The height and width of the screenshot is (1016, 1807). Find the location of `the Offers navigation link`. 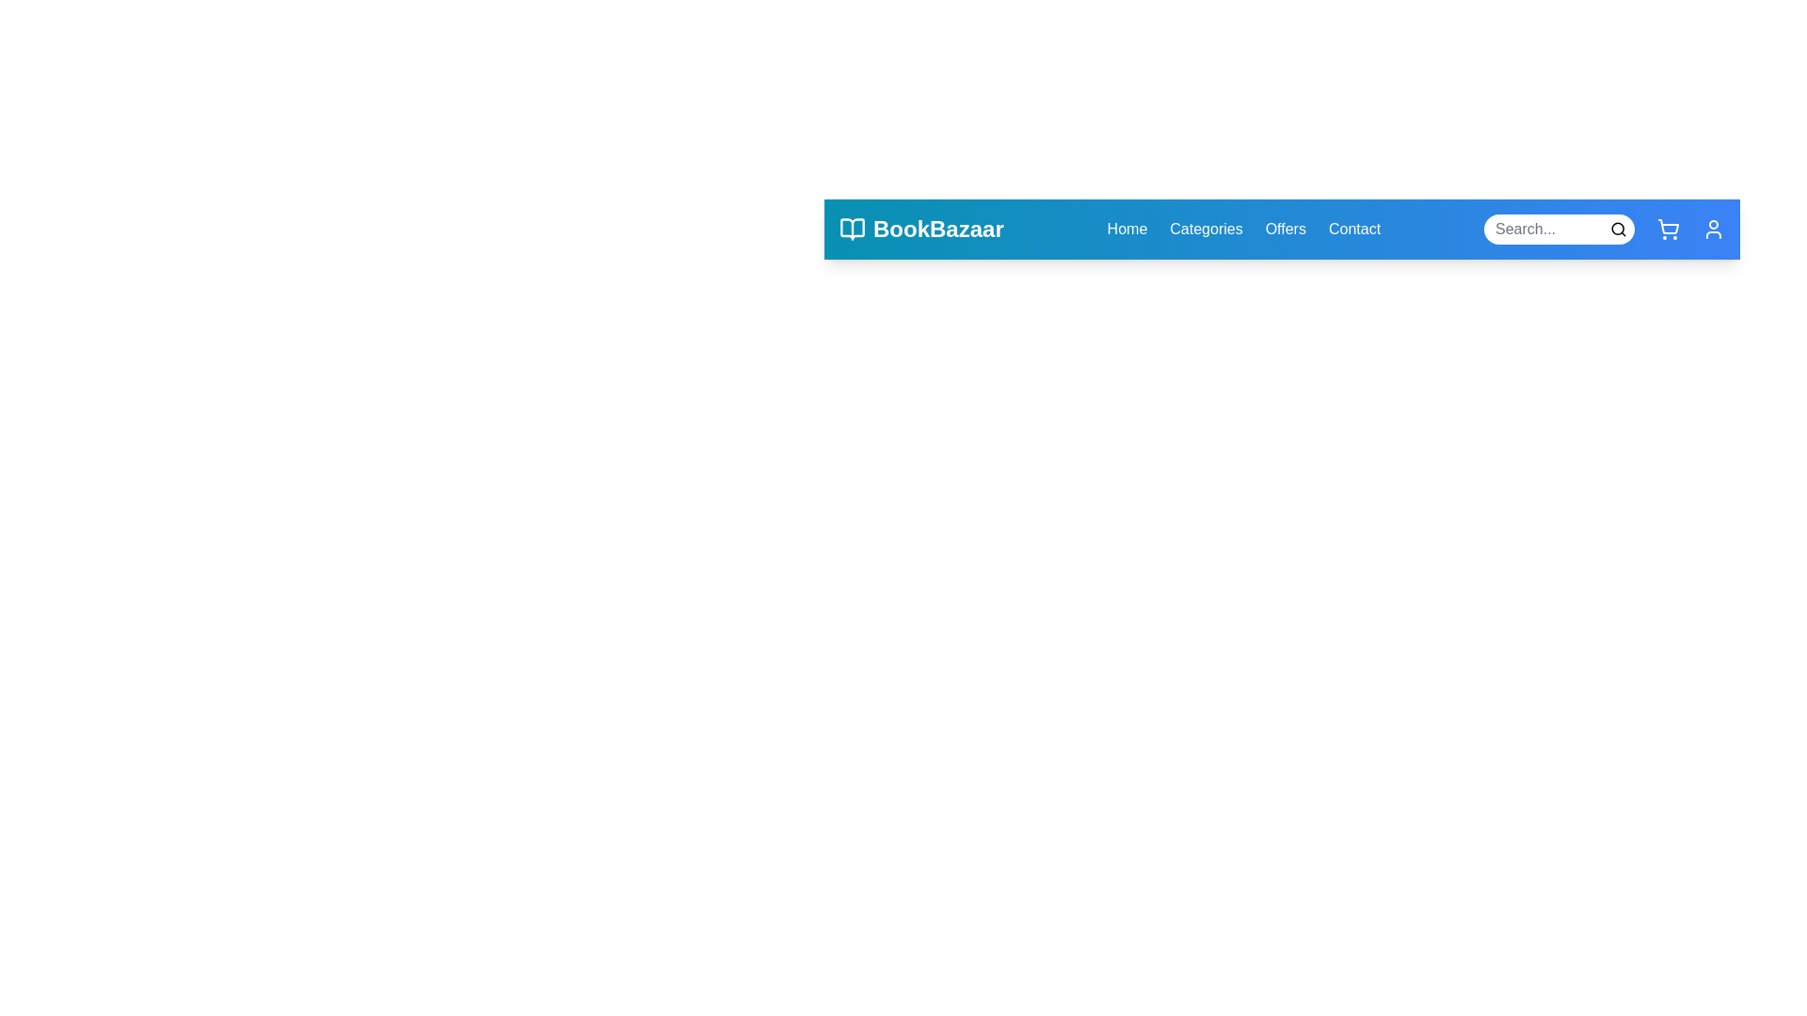

the Offers navigation link is located at coordinates (1285, 228).